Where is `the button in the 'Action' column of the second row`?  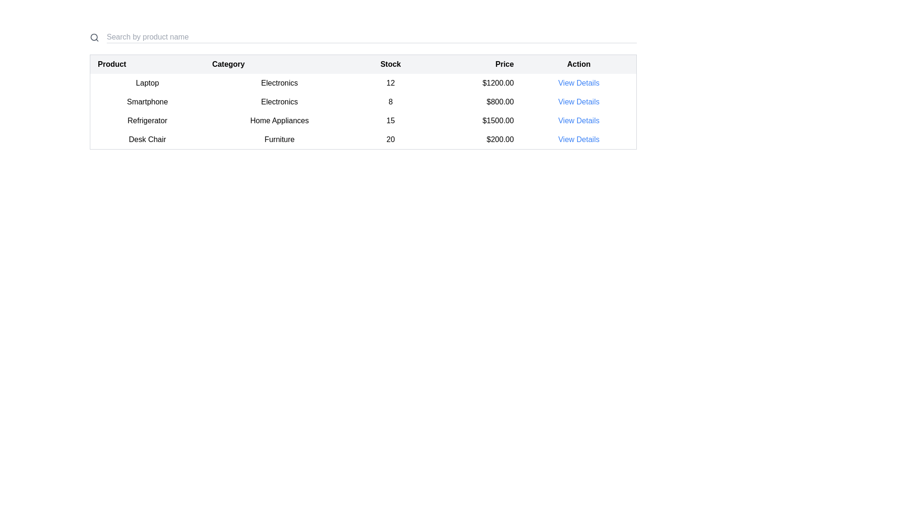 the button in the 'Action' column of the second row is located at coordinates (578, 102).